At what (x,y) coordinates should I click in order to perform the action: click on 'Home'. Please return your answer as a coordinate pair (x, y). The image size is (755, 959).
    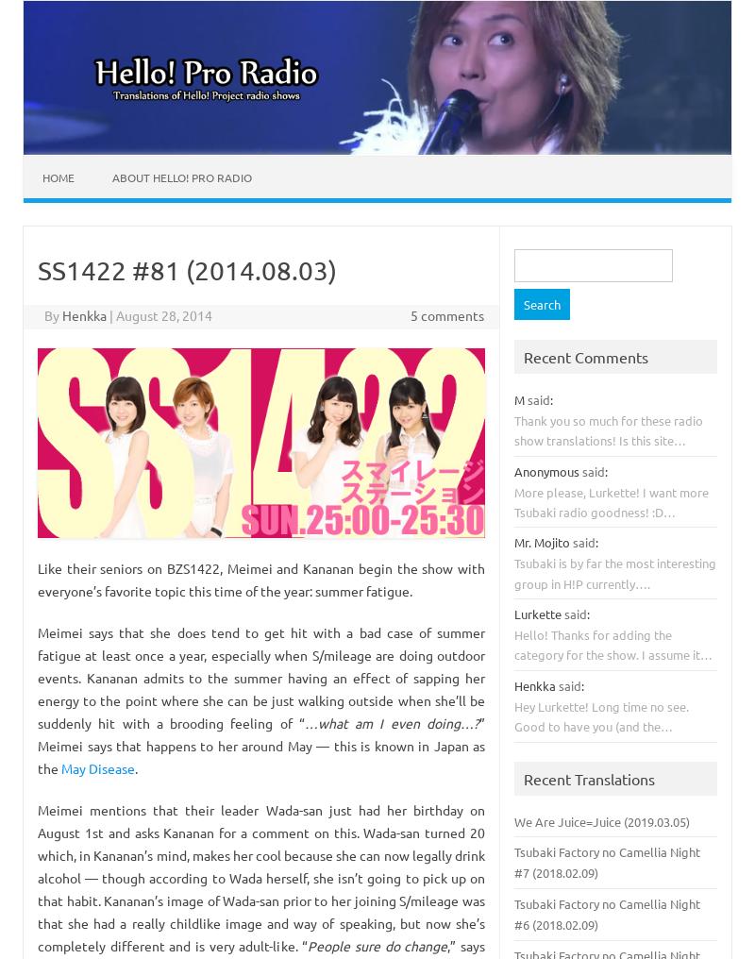
    Looking at the image, I should click on (58, 176).